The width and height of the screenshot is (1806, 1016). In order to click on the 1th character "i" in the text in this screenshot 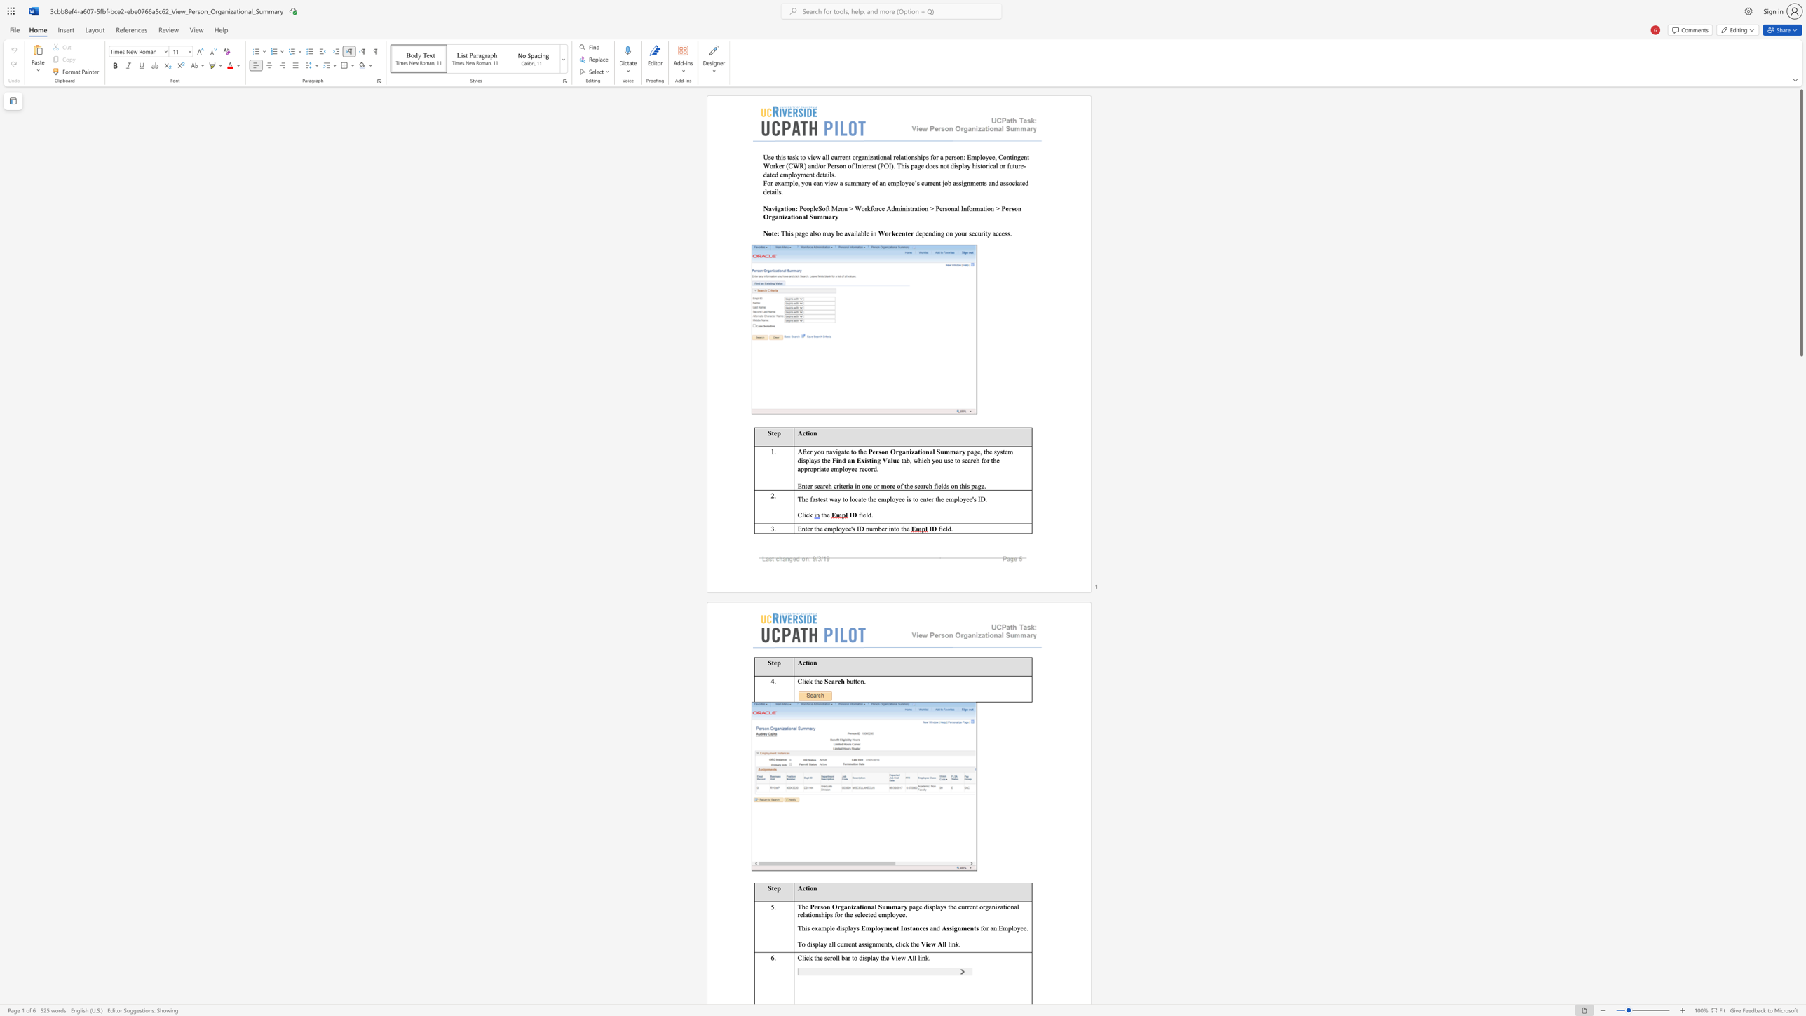, I will do `click(828, 182)`.